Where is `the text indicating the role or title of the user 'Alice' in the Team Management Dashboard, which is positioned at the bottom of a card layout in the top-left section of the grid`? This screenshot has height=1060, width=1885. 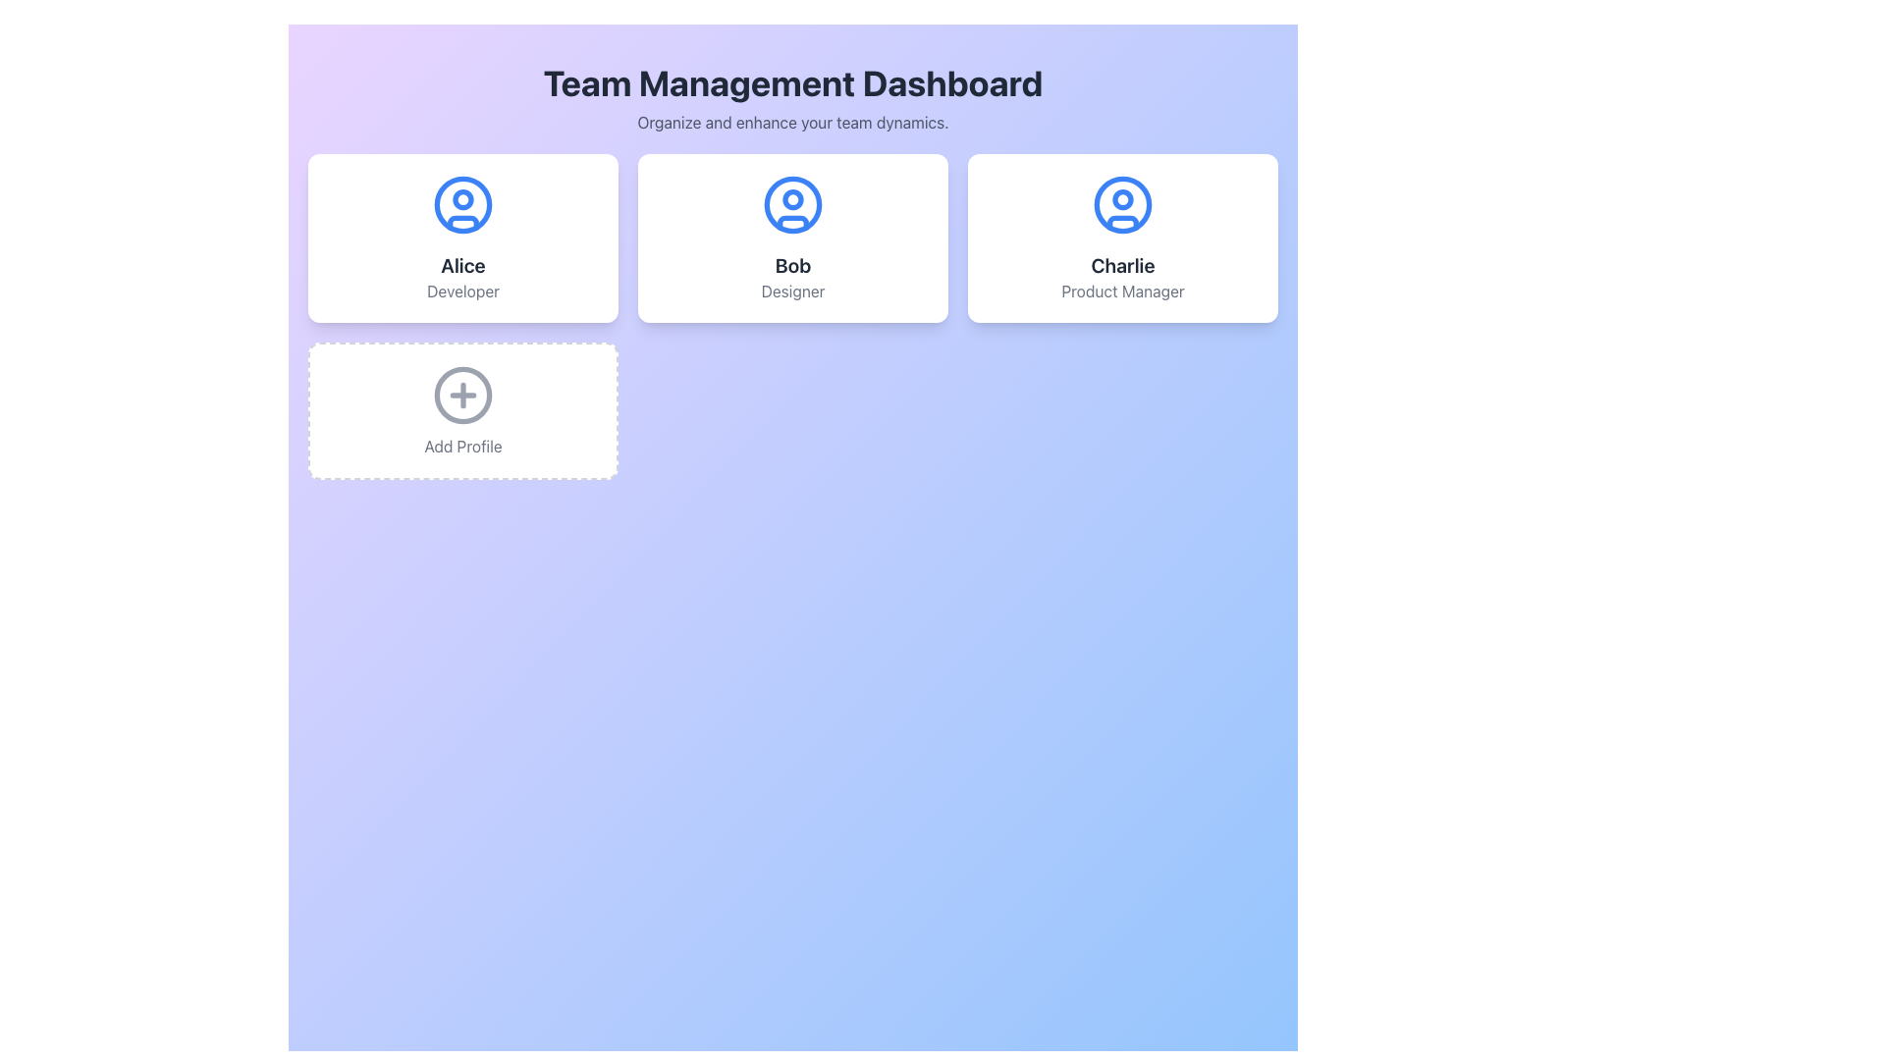
the text indicating the role or title of the user 'Alice' in the Team Management Dashboard, which is positioned at the bottom of a card layout in the top-left section of the grid is located at coordinates (461, 291).